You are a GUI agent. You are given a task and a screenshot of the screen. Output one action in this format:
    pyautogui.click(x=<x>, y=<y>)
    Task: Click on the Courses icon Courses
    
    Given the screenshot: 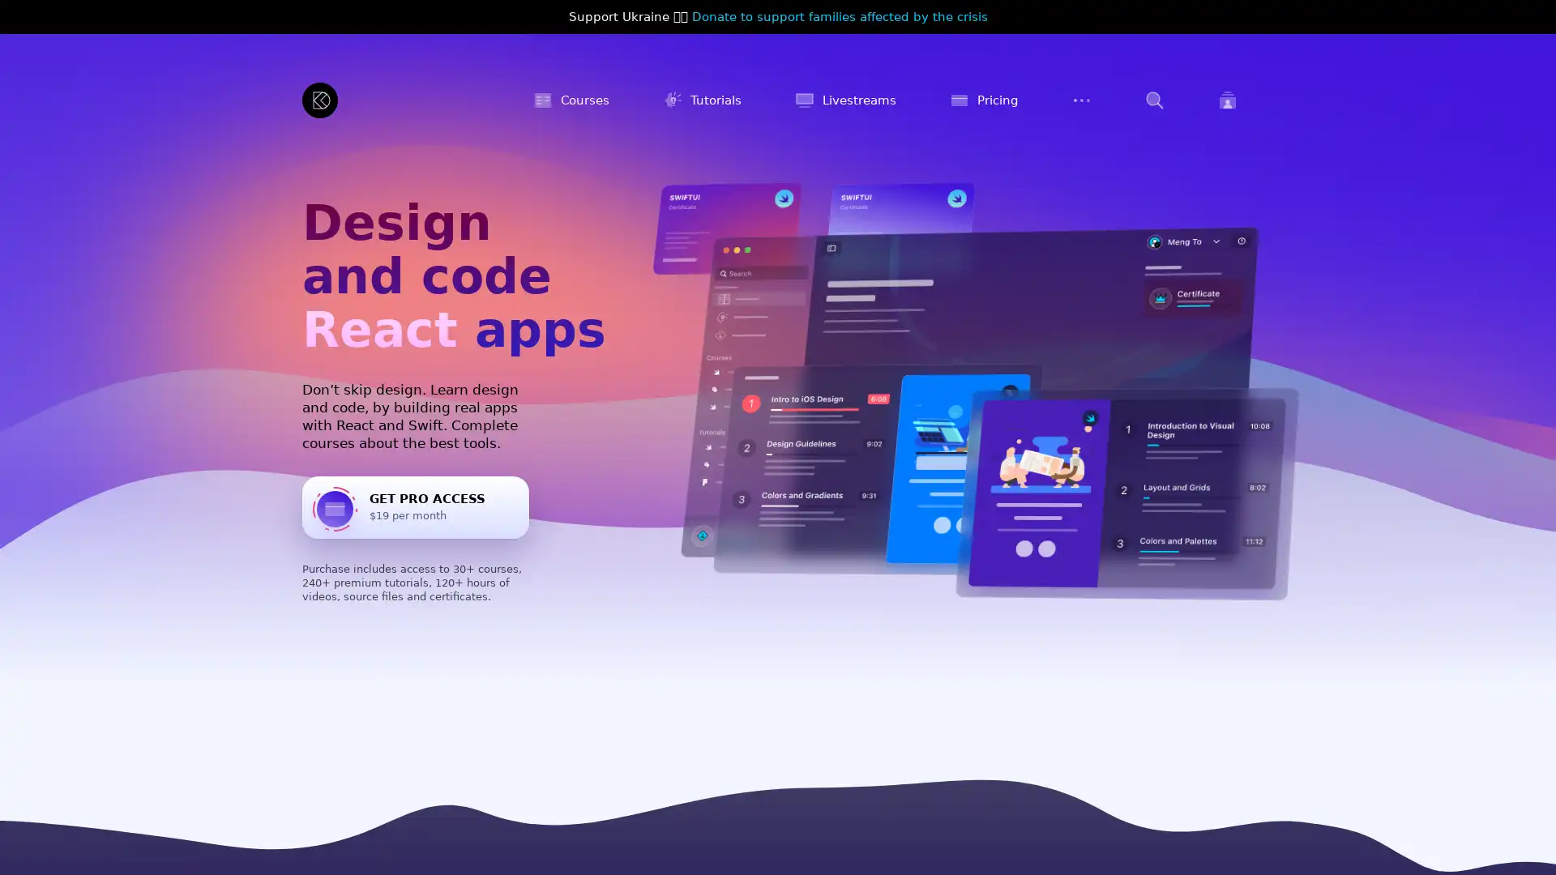 What is the action you would take?
    pyautogui.click(x=571, y=100)
    